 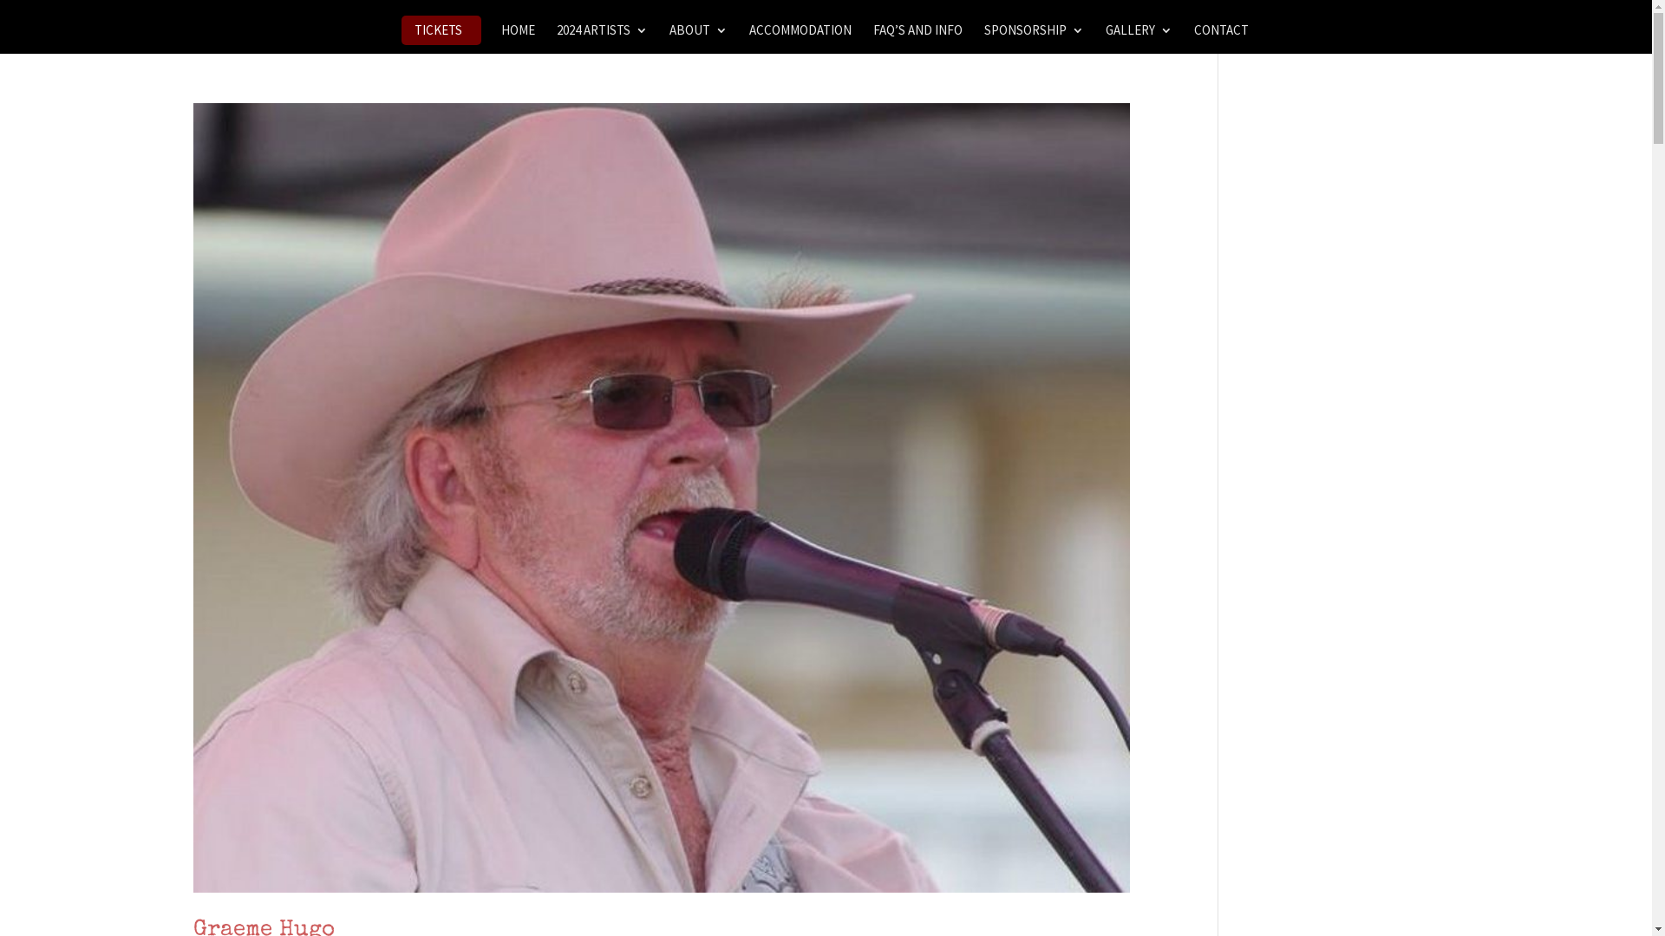 I want to click on 'CONTACT', so click(x=1220, y=37).